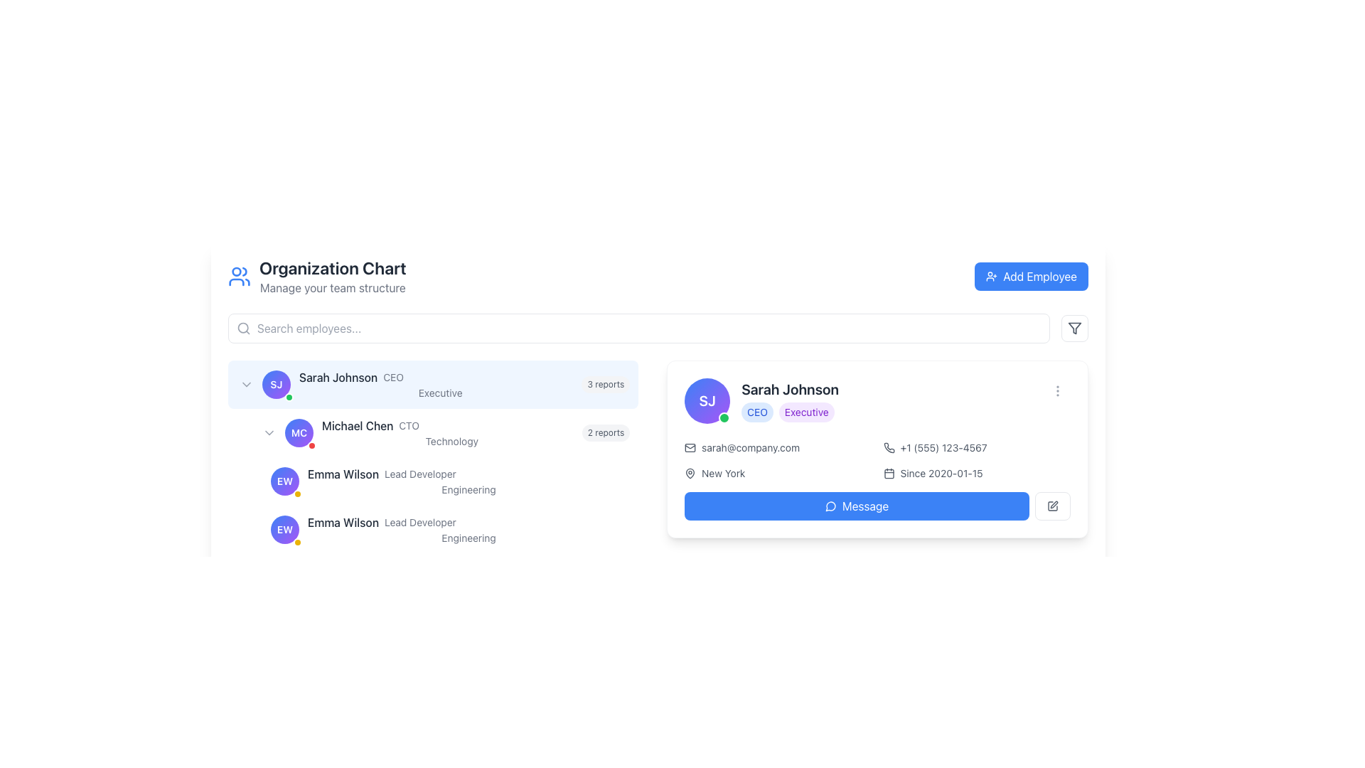  I want to click on the chevron icon located to the left of the row containing 'Sarah Johnson CEO' in the organization chart, so click(246, 384).